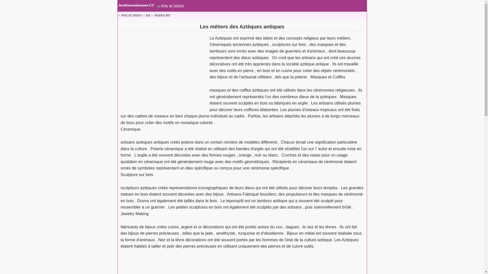  I want to click on 'Arts et loisirs', so click(171, 6).